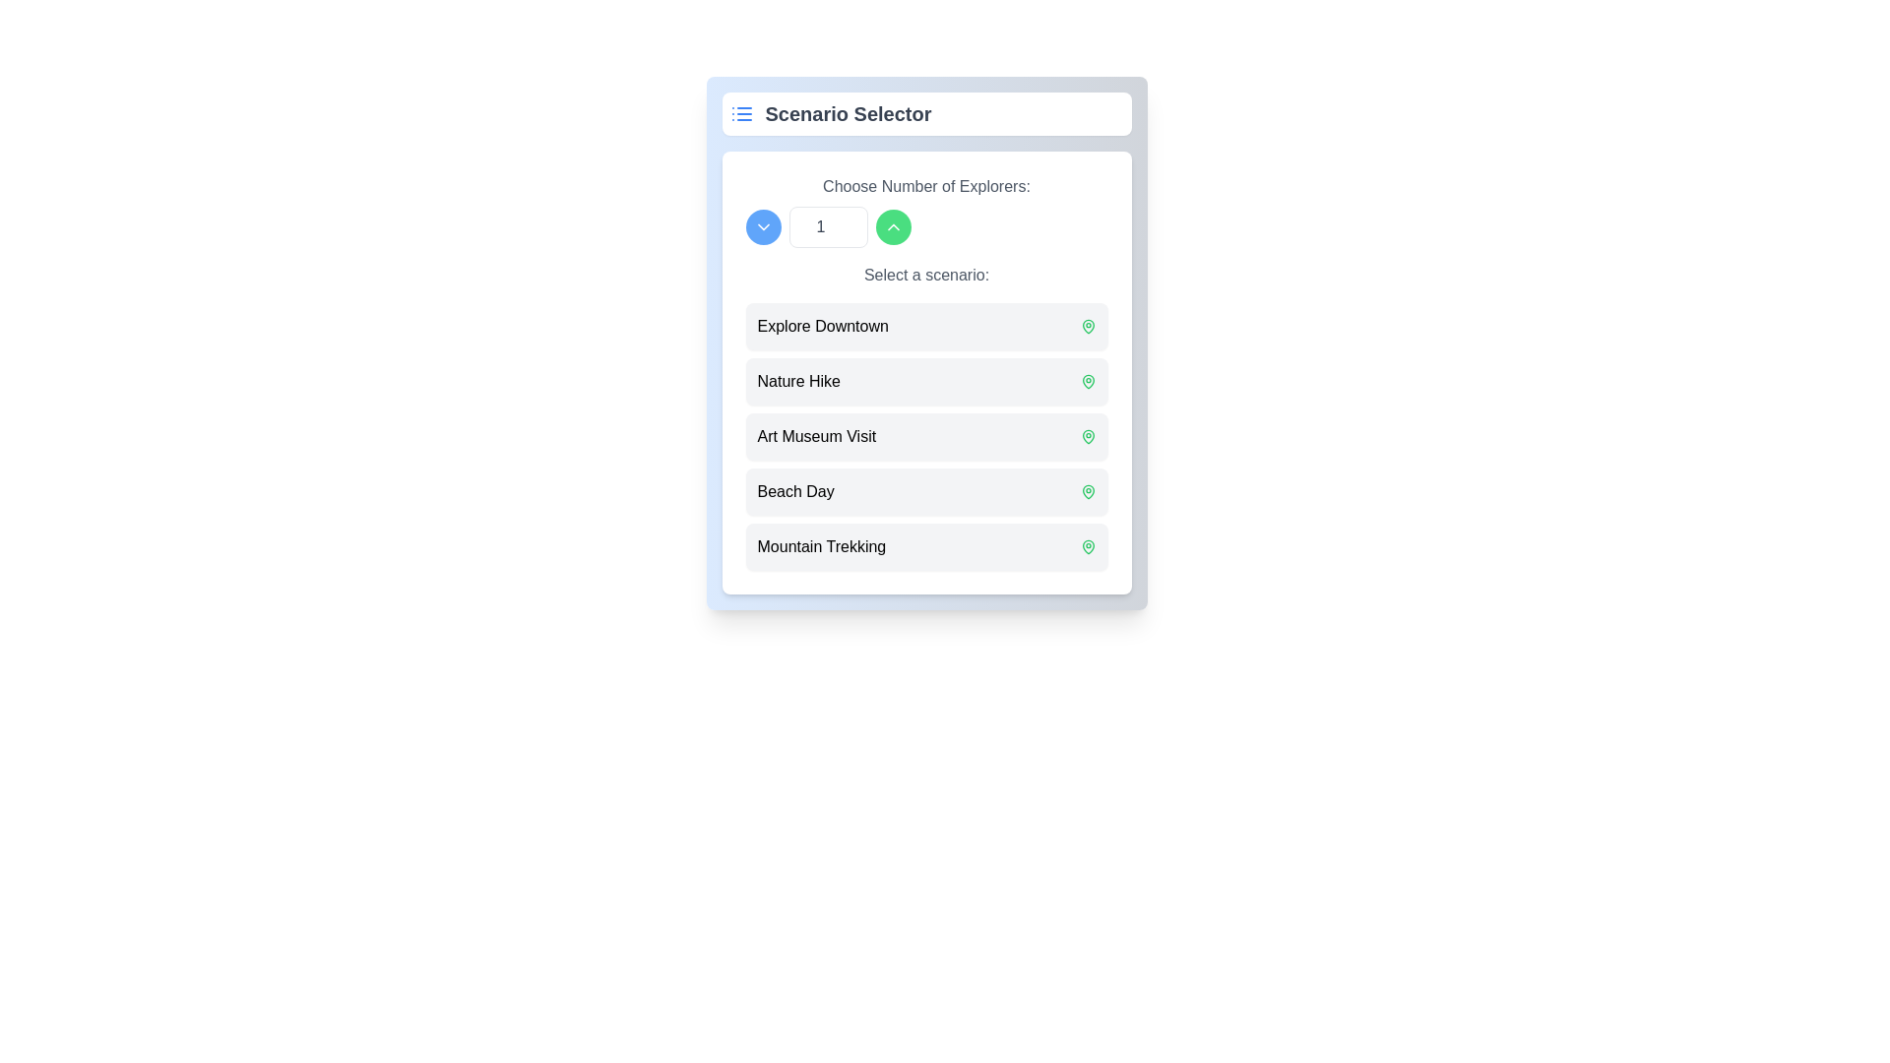 The width and height of the screenshot is (1890, 1063). Describe the element at coordinates (925, 113) in the screenshot. I see `the 'Scenario Selector' text header with an icon resembling a list` at that location.